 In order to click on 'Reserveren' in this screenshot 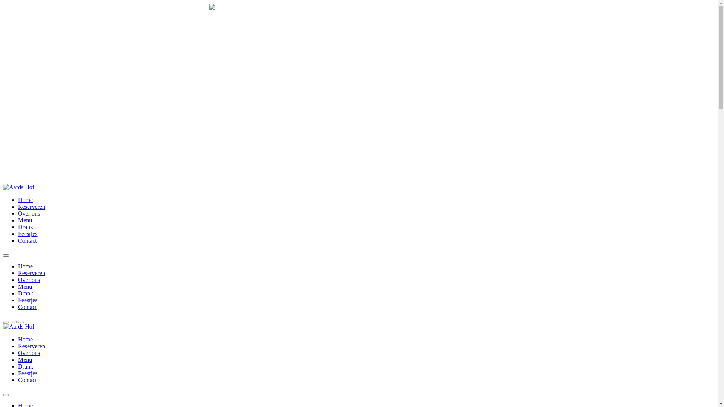, I will do `click(31, 273)`.